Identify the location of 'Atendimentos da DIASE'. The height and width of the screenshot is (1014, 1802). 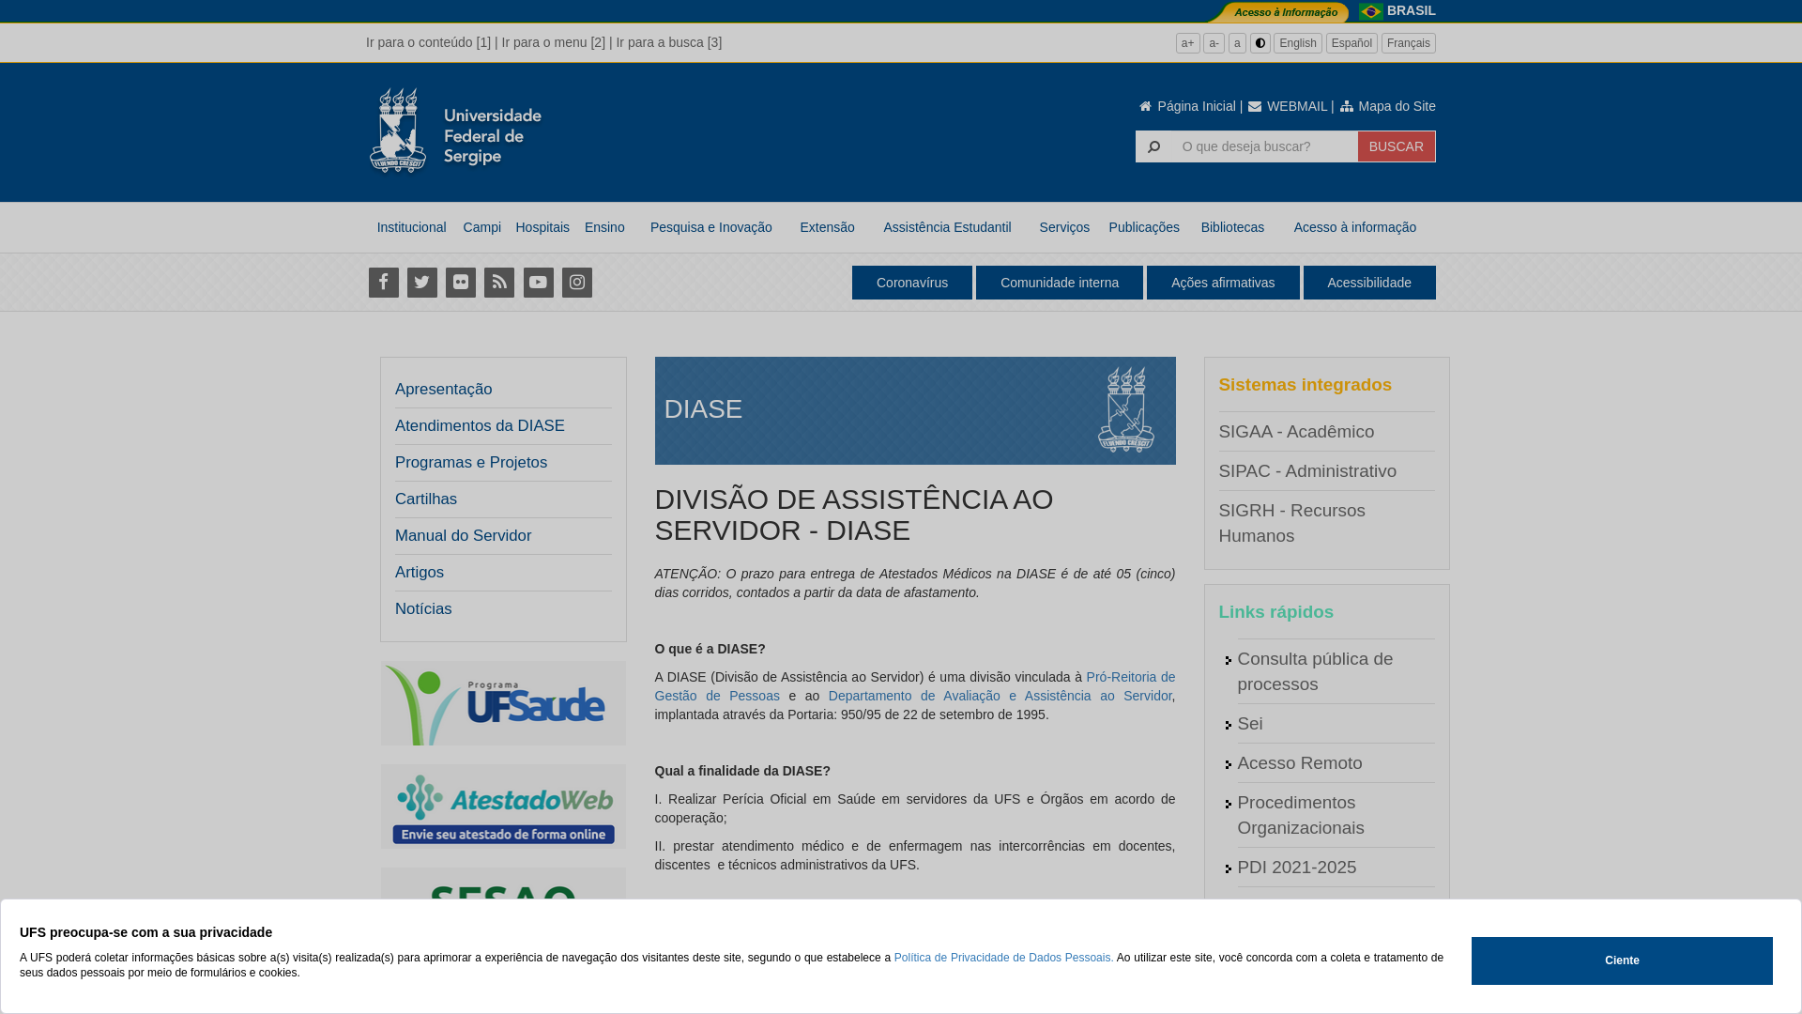
(480, 426).